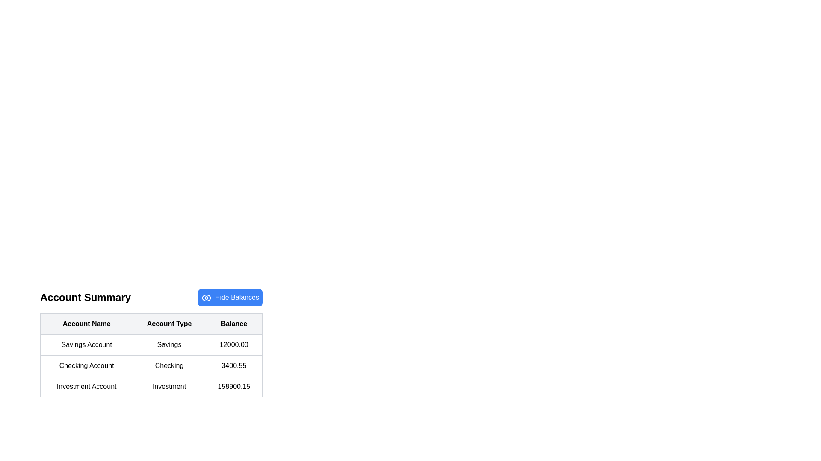 The height and width of the screenshot is (461, 821). What do you see at coordinates (234, 344) in the screenshot?
I see `the Static Text Display that shows the numeric balance value in the 'Balance' column of the 'Account Summary' table for the 'Savings Account'` at bounding box center [234, 344].